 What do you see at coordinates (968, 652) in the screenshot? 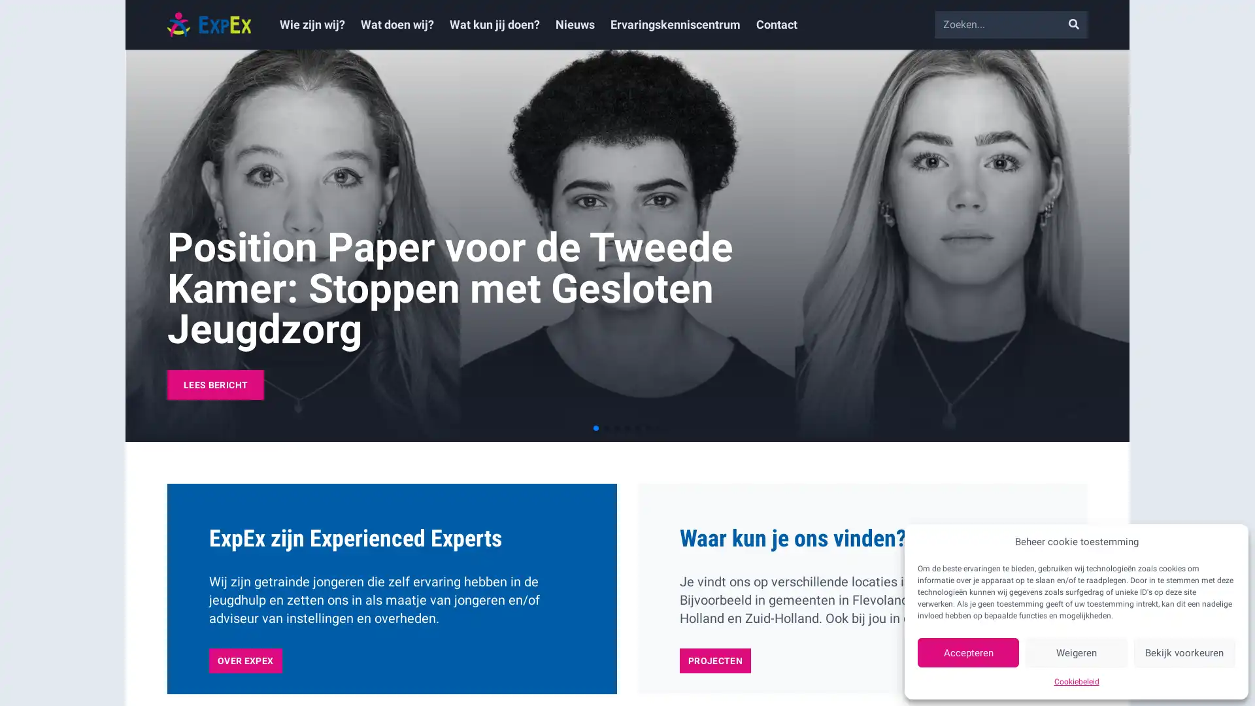
I see `Accepteren` at bounding box center [968, 652].